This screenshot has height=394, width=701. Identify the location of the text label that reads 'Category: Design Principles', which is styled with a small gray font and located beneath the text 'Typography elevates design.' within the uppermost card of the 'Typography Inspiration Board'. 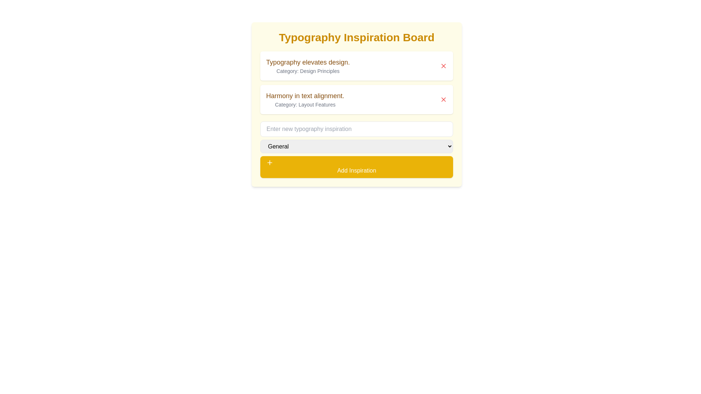
(308, 71).